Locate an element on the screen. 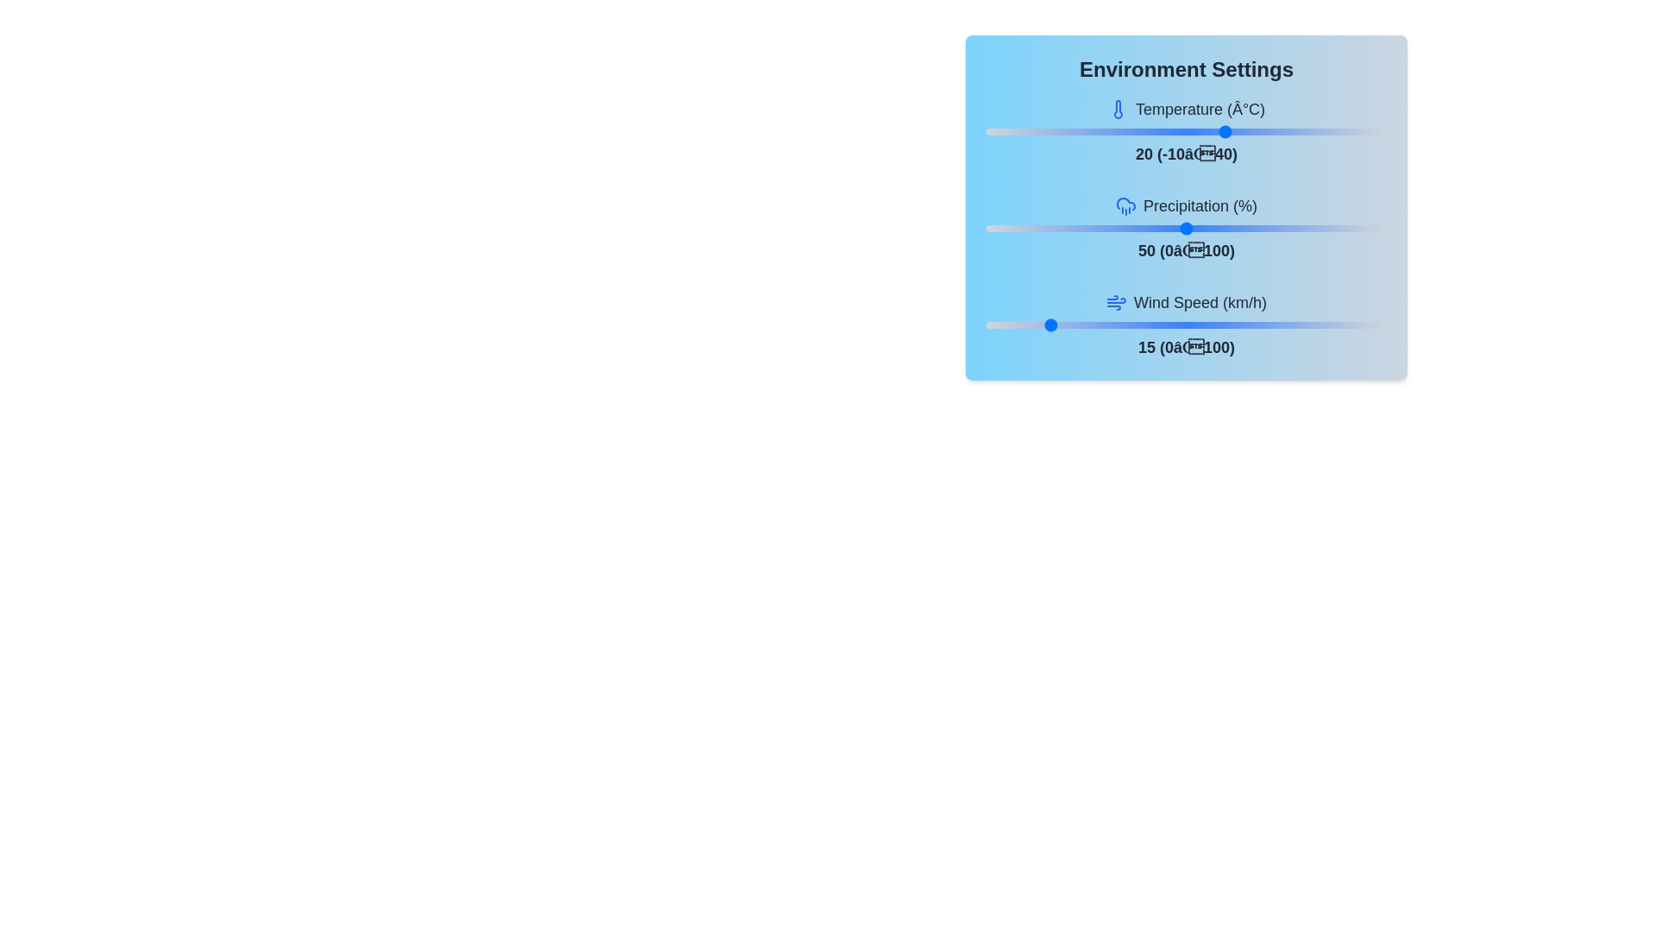  the thermometer icon located to the left of the text 'Temperature (°C)' in the 'Environment Settings' panel is located at coordinates (1118, 110).